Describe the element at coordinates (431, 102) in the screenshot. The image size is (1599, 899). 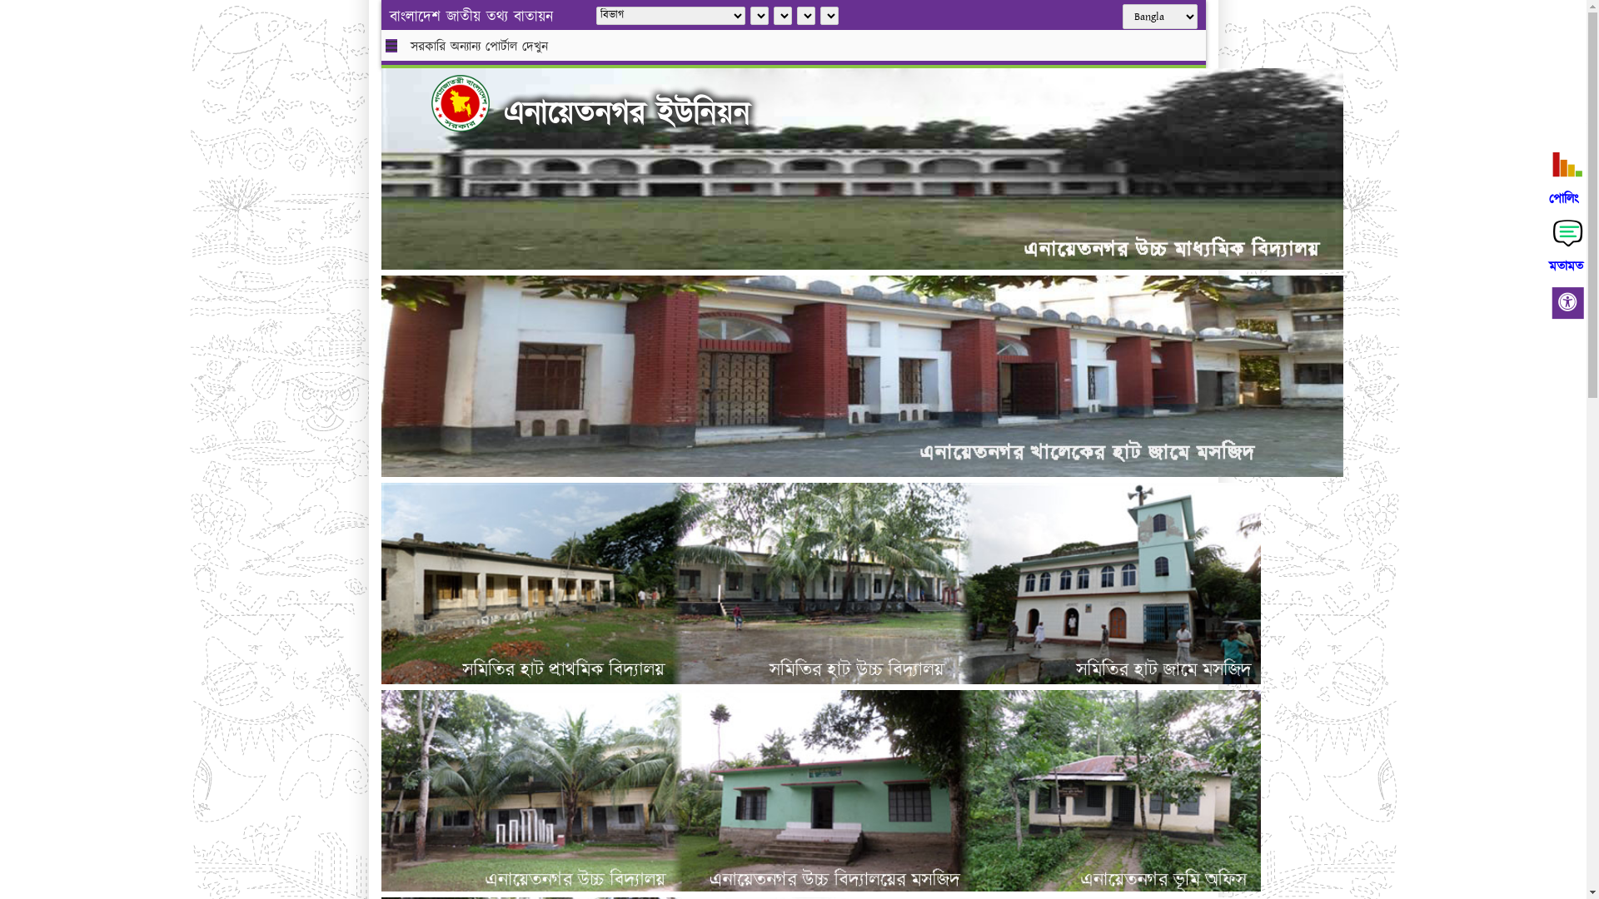
I see `'` at that location.